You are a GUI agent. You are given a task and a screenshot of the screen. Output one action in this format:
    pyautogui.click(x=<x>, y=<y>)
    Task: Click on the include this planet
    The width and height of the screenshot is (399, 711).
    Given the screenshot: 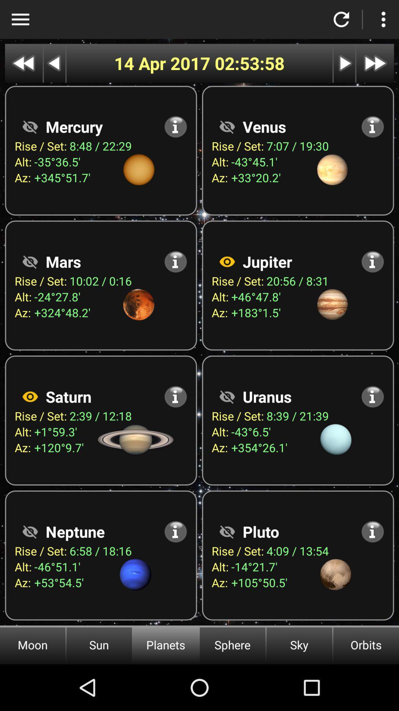 What is the action you would take?
    pyautogui.click(x=226, y=261)
    